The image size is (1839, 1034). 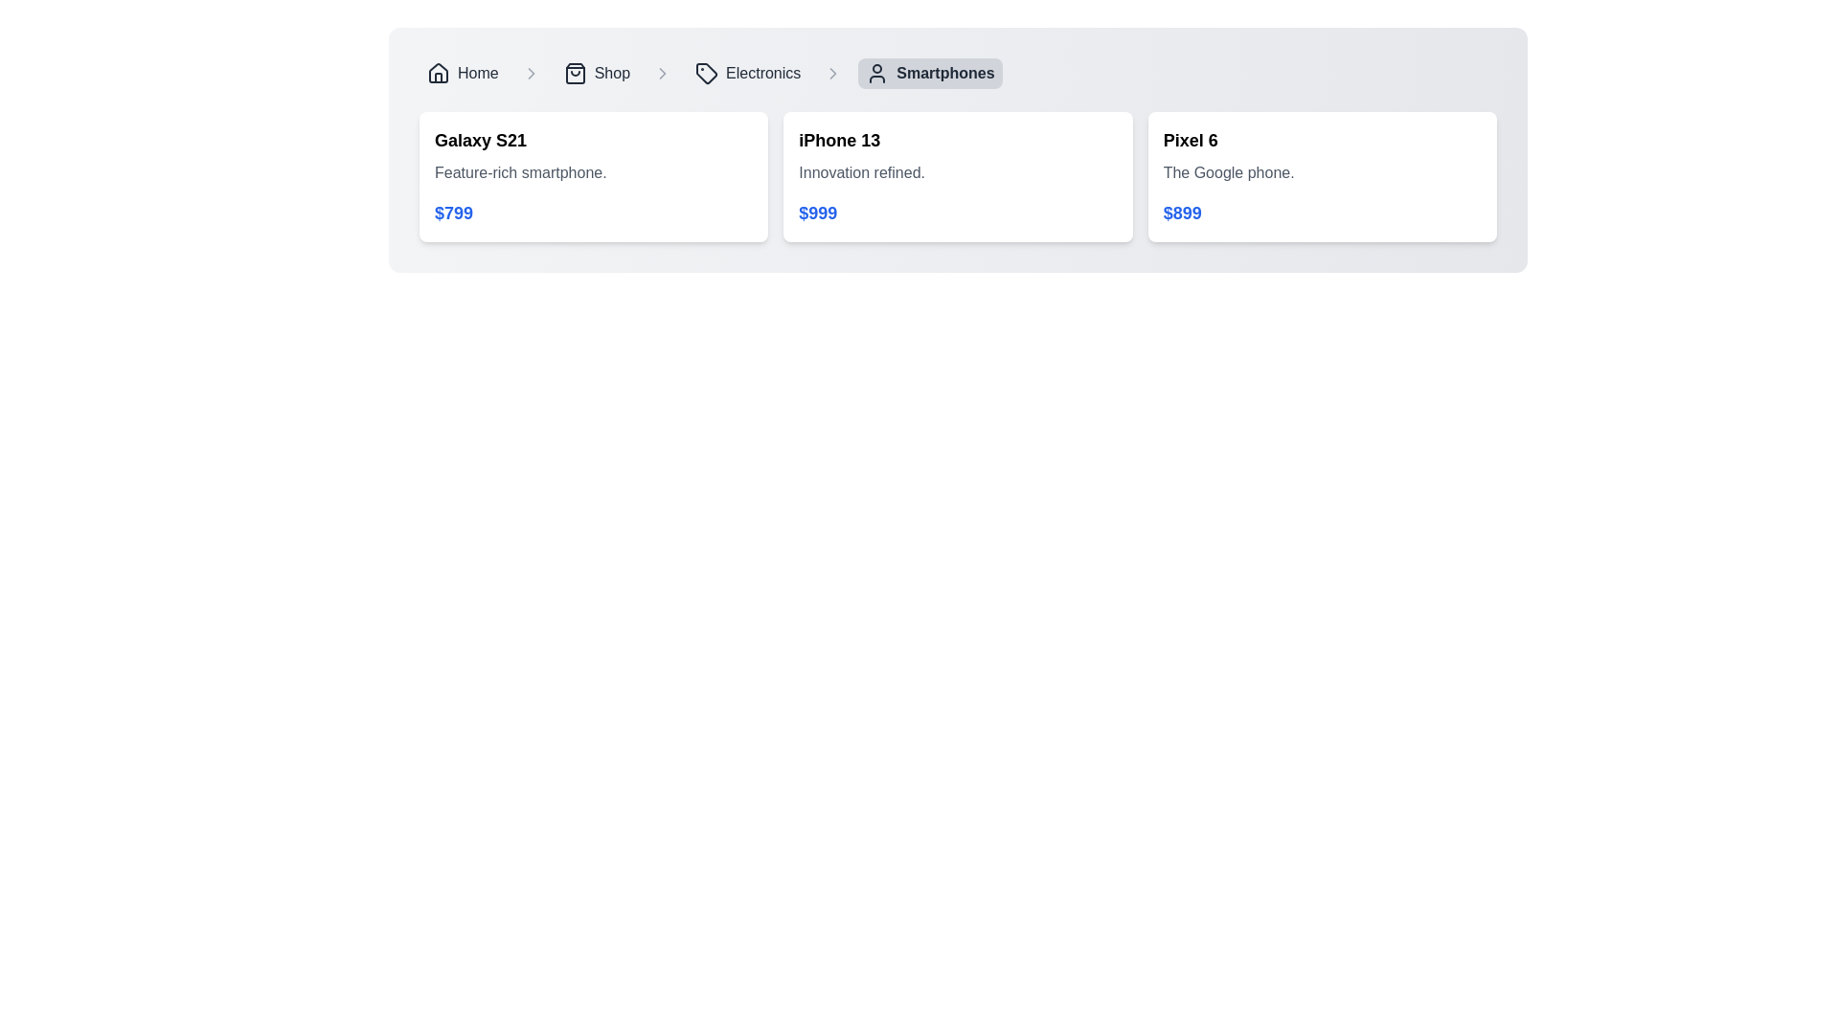 I want to click on the 'Shop' icon in the breadcrumb navigation, so click(x=574, y=73).